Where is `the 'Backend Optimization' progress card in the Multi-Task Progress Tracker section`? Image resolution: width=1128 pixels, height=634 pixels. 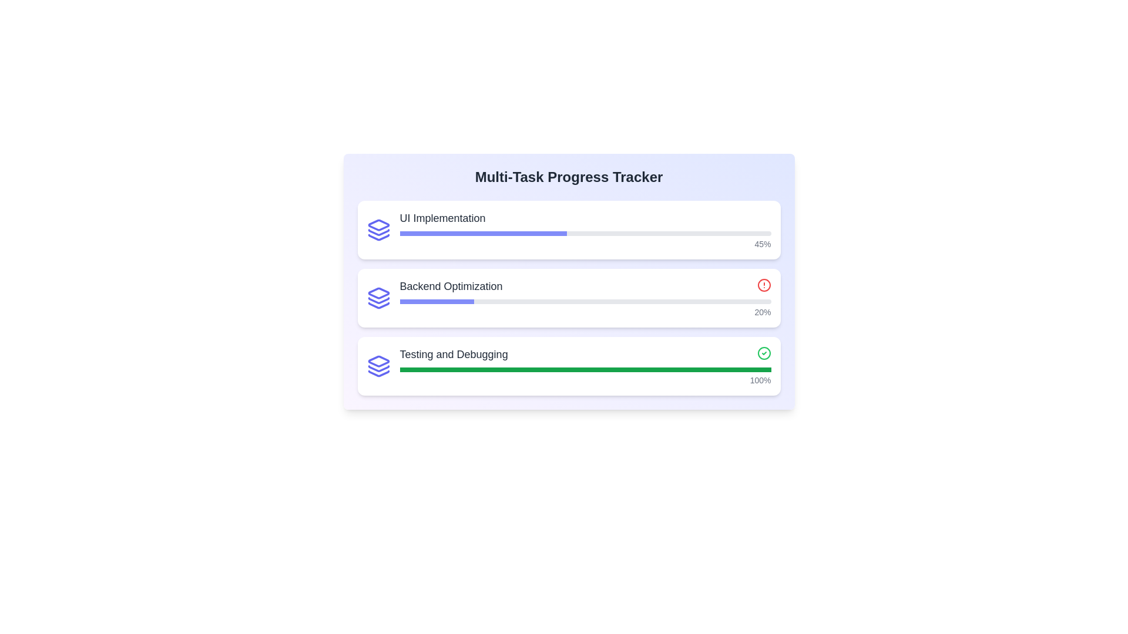
the 'Backend Optimization' progress card in the Multi-Task Progress Tracker section is located at coordinates (569, 281).